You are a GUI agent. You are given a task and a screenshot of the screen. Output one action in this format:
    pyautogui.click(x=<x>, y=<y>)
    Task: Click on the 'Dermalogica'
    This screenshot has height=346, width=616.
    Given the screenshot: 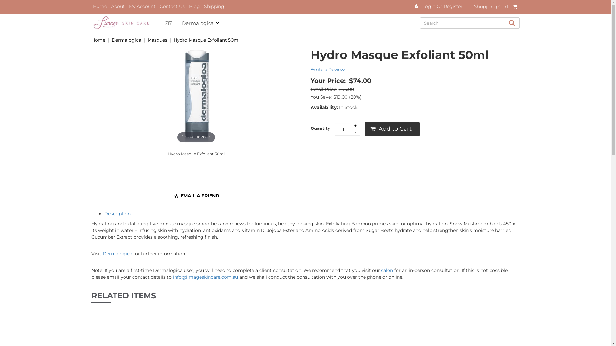 What is the action you would take?
    pyautogui.click(x=126, y=40)
    